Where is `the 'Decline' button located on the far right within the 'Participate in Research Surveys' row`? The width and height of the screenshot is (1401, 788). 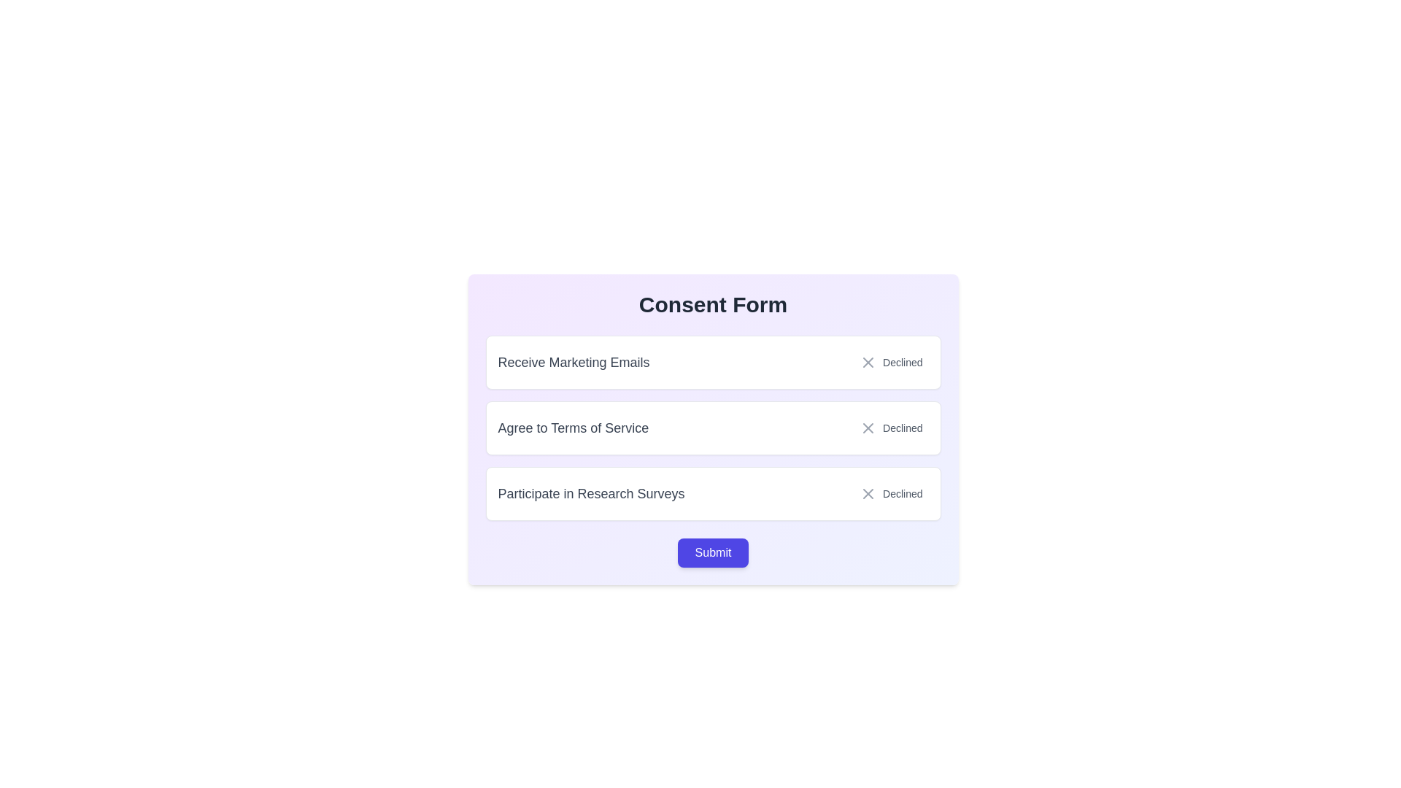 the 'Decline' button located on the far right within the 'Participate in Research Surveys' row is located at coordinates (890, 493).